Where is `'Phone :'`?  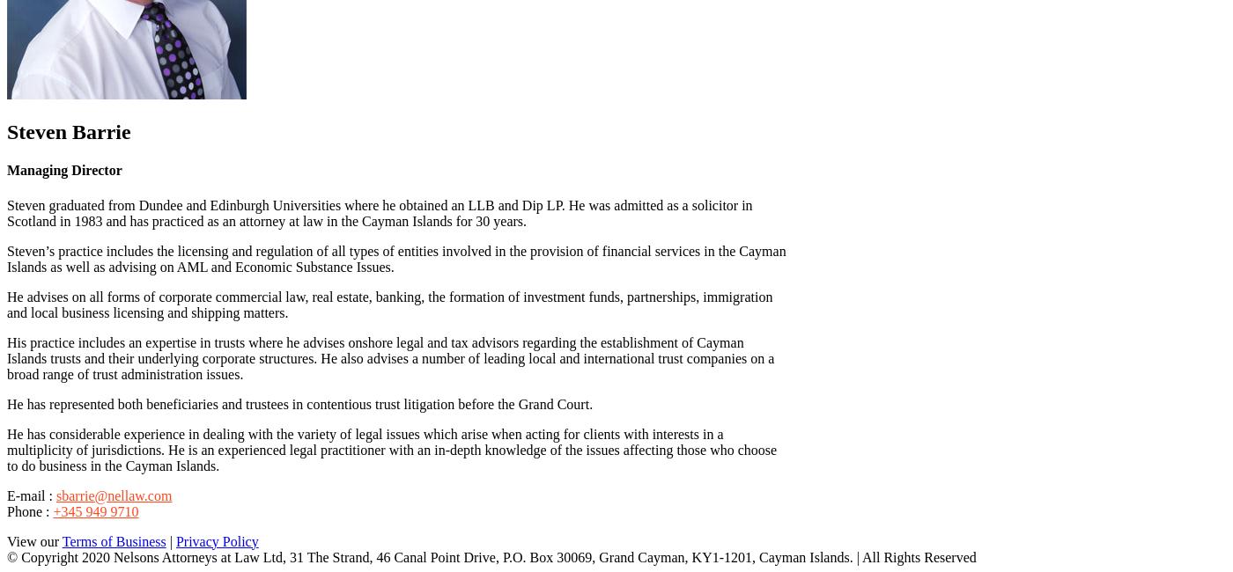 'Phone :' is located at coordinates (30, 510).